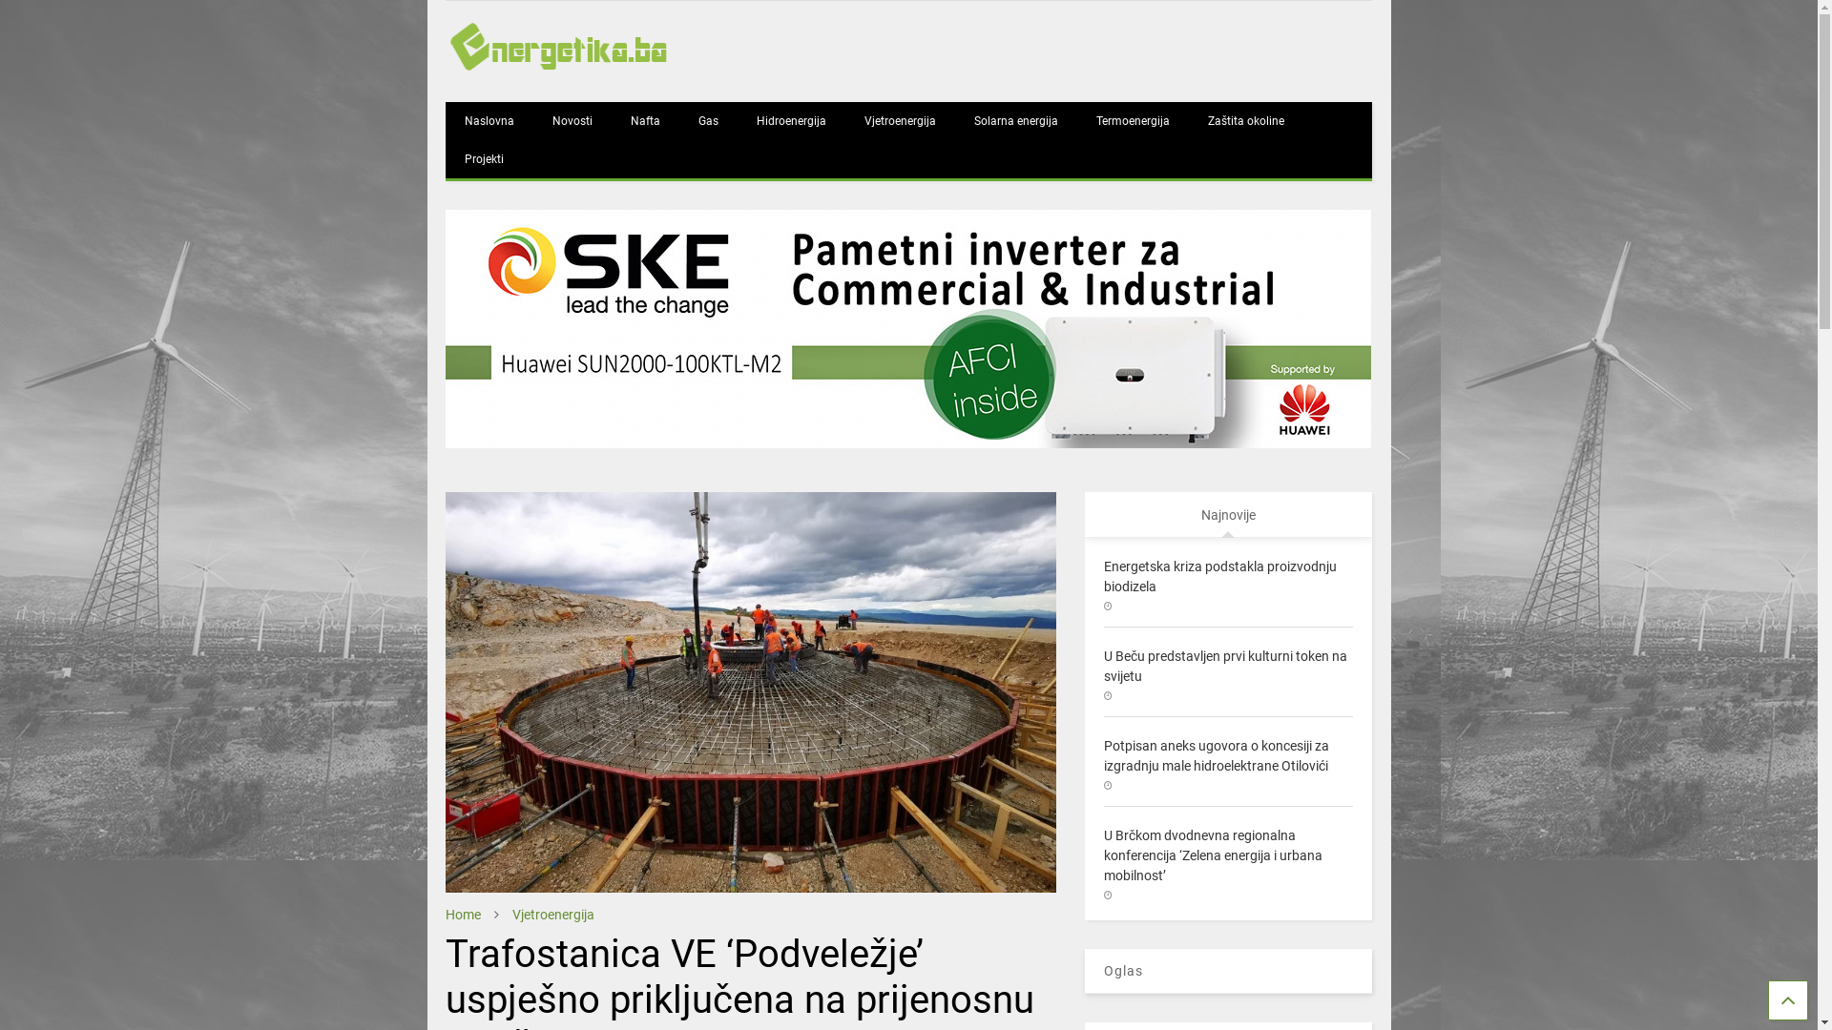 The height and width of the screenshot is (1030, 1832). What do you see at coordinates (1076, 121) in the screenshot?
I see `'Termoenergija'` at bounding box center [1076, 121].